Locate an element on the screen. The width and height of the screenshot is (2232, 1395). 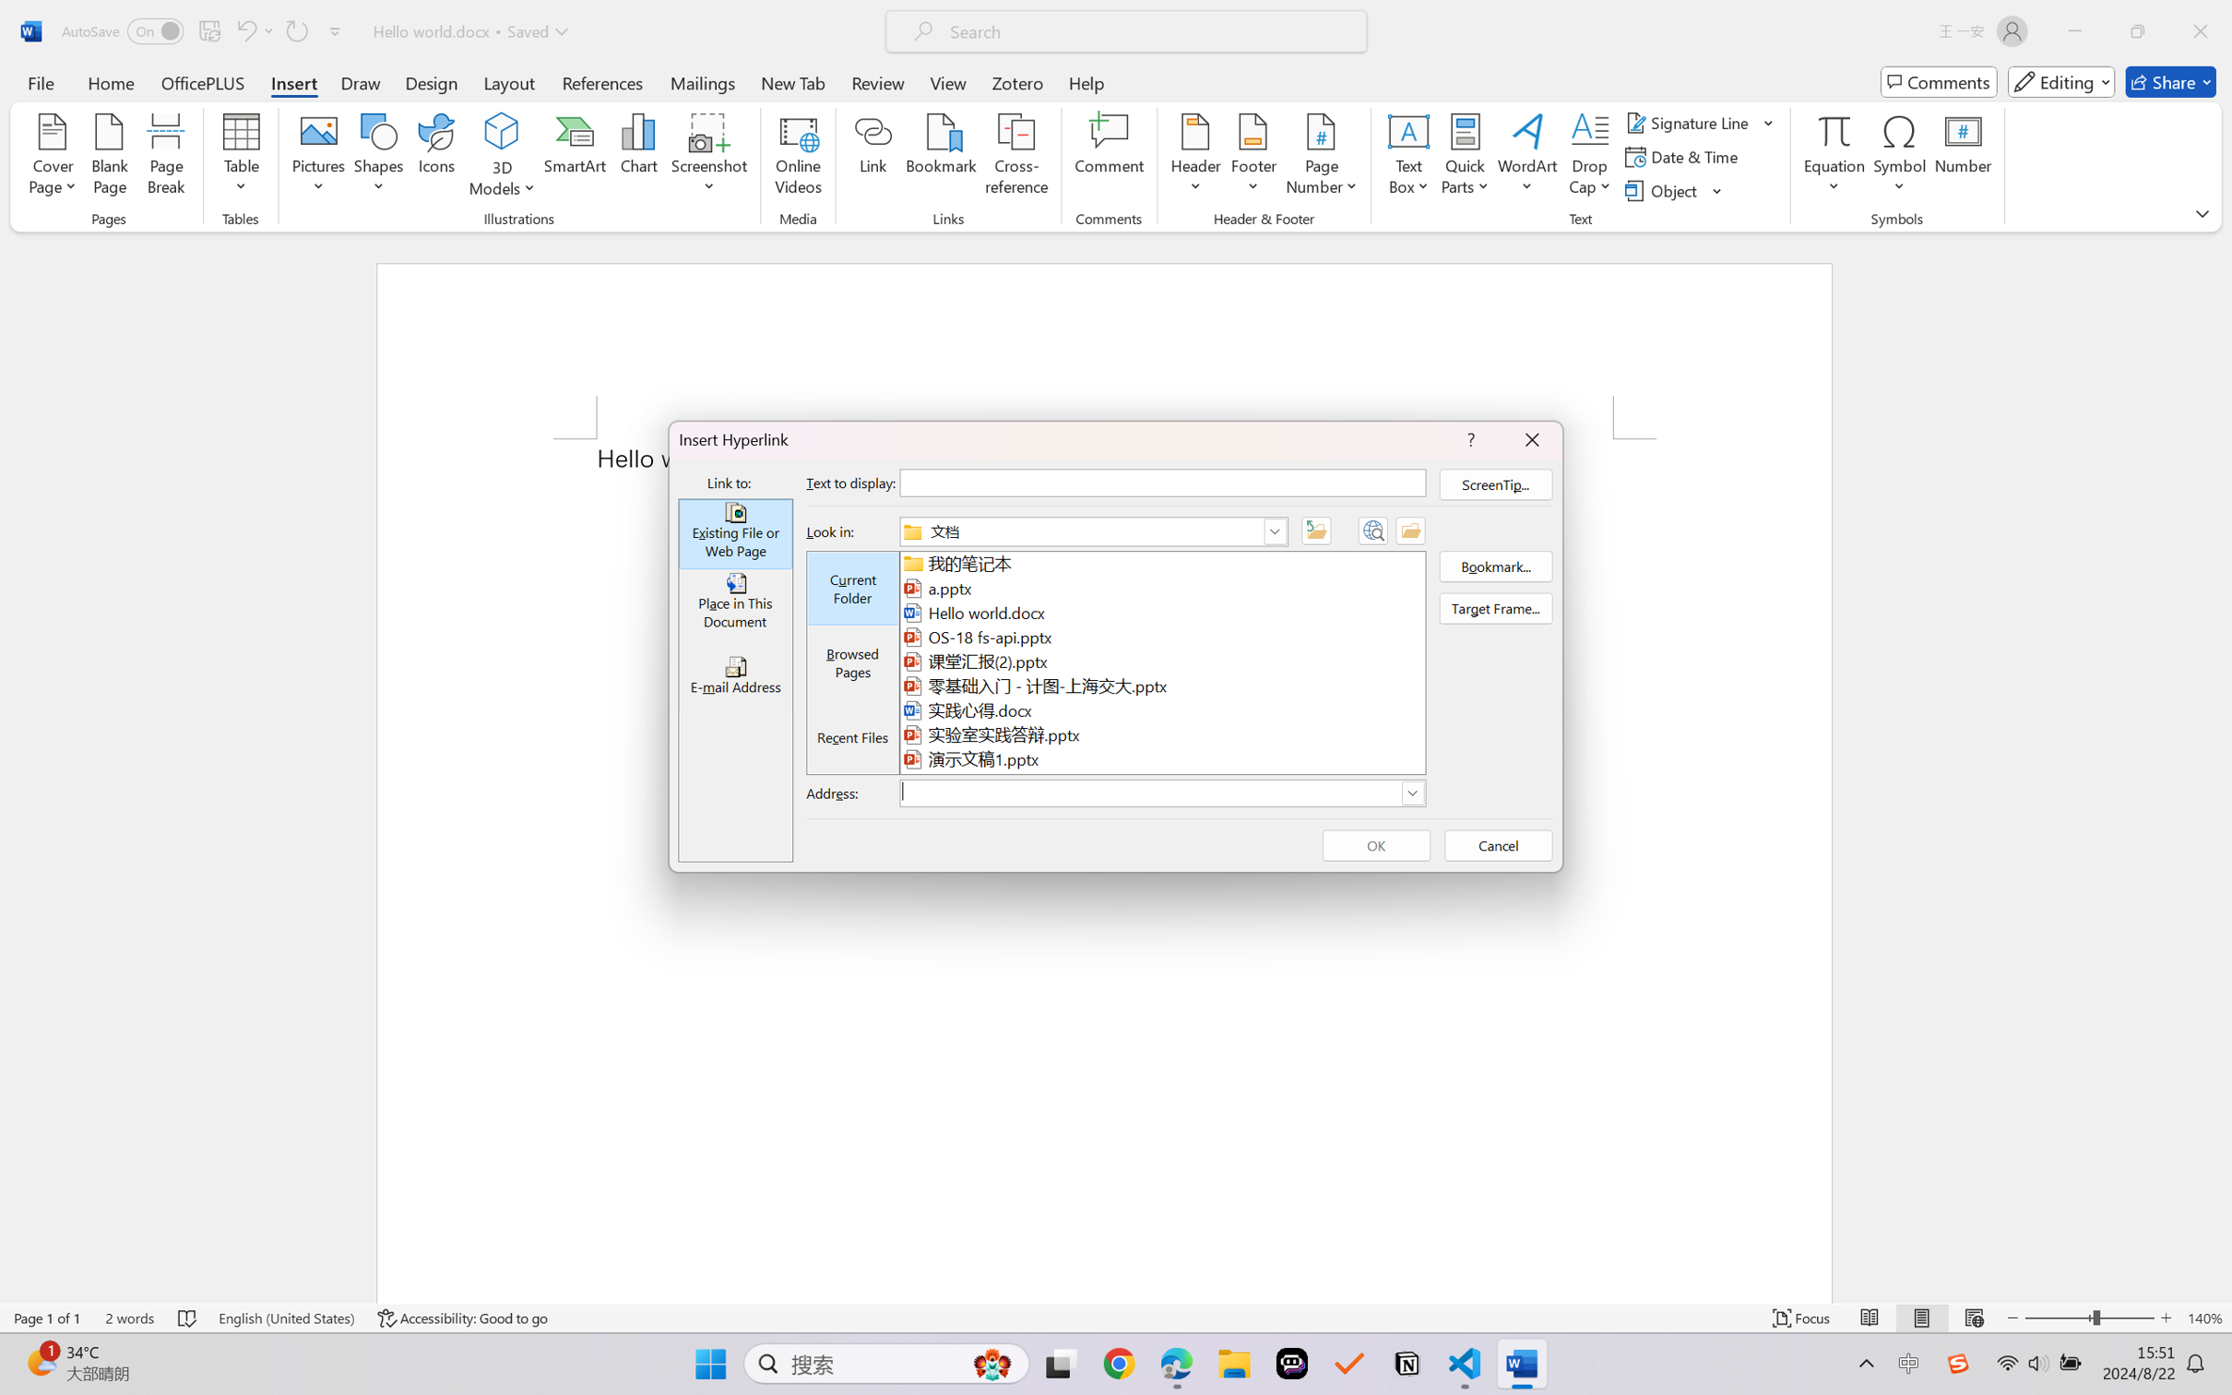
'AutoSave' is located at coordinates (123, 30).